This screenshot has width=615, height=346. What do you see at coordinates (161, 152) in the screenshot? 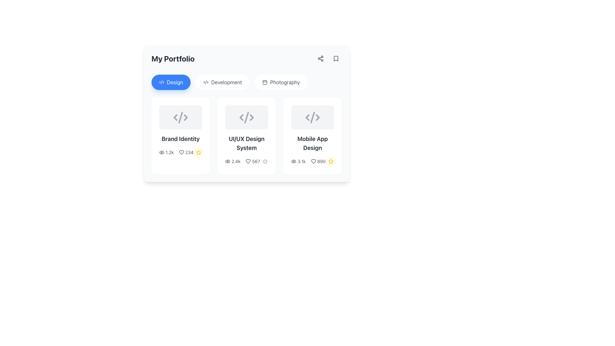
I see `the visibility metric icon associated with the 'Brand Identity' item in the portfolio, which is positioned on the leftmost side of the card and precedes the view count text '1.2k'` at bounding box center [161, 152].